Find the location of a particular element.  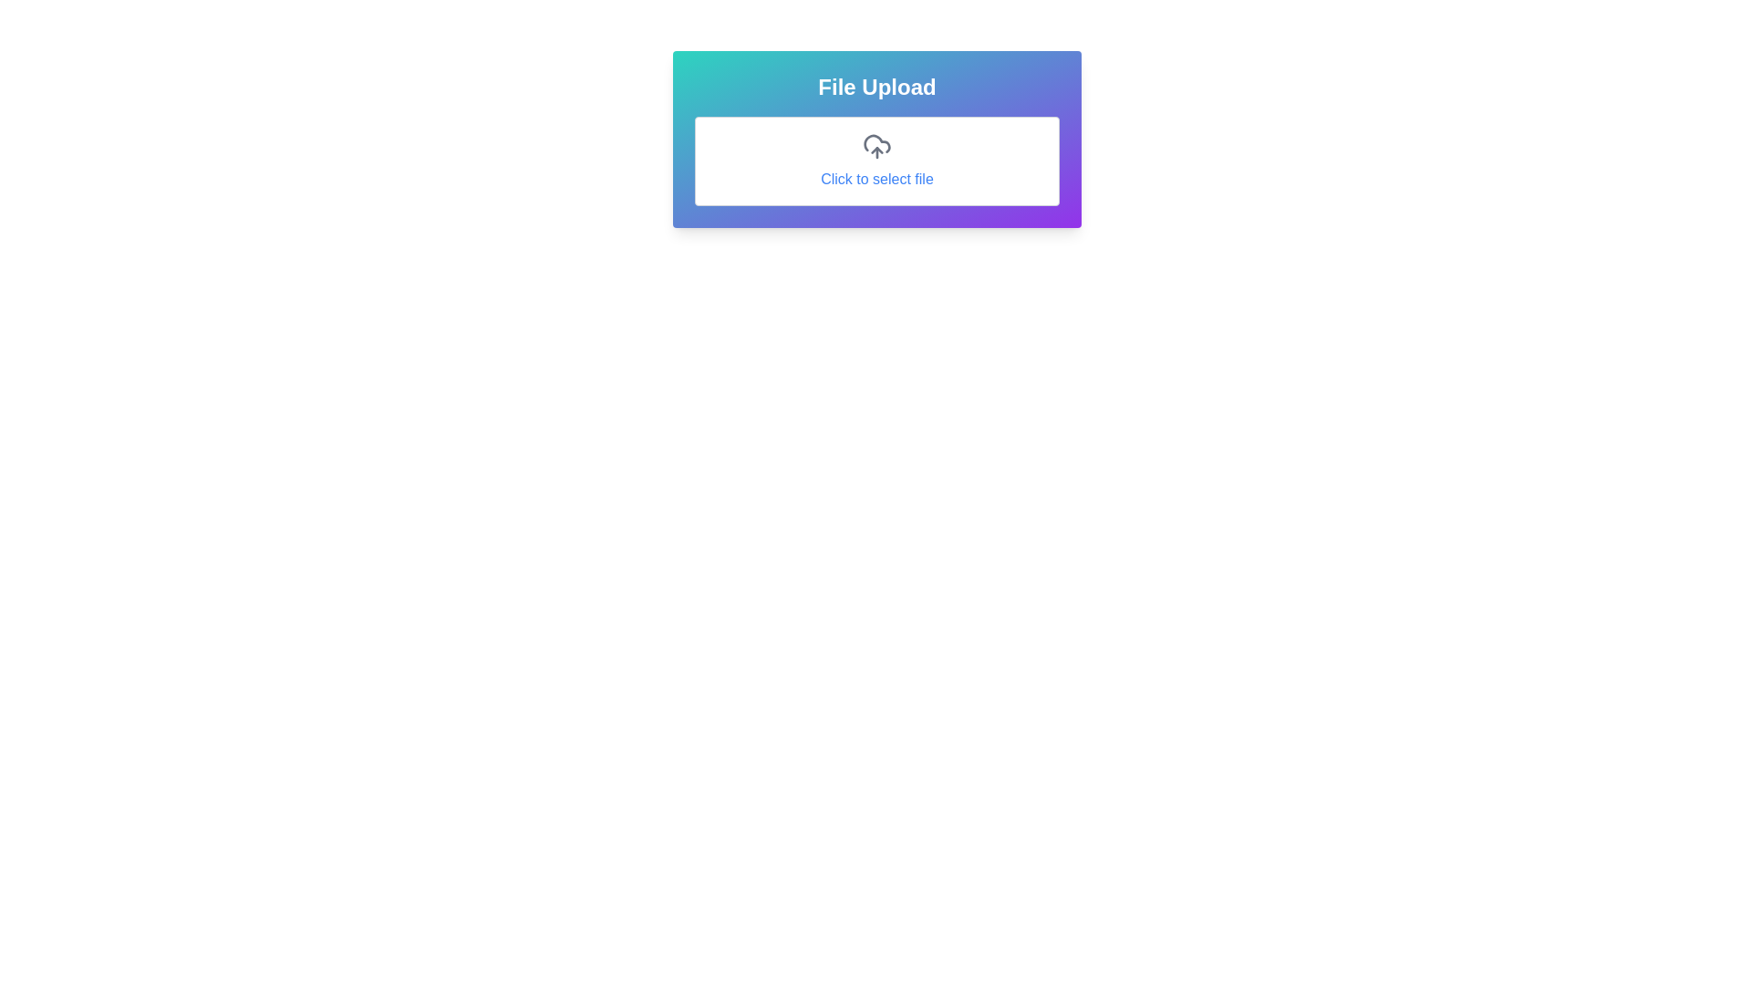

the File upload area located below the 'File Upload' heading to interact with it is located at coordinates (876, 161).